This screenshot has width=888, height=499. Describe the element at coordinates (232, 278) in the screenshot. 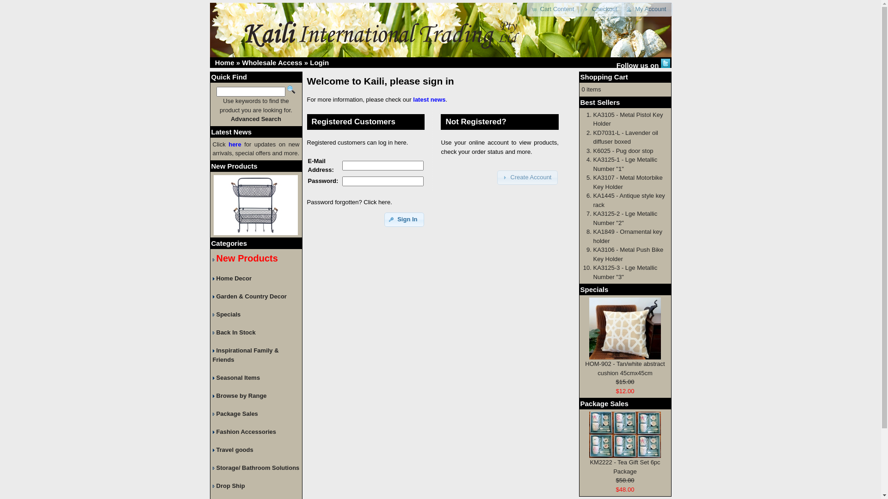

I see `'Home Decor'` at that location.